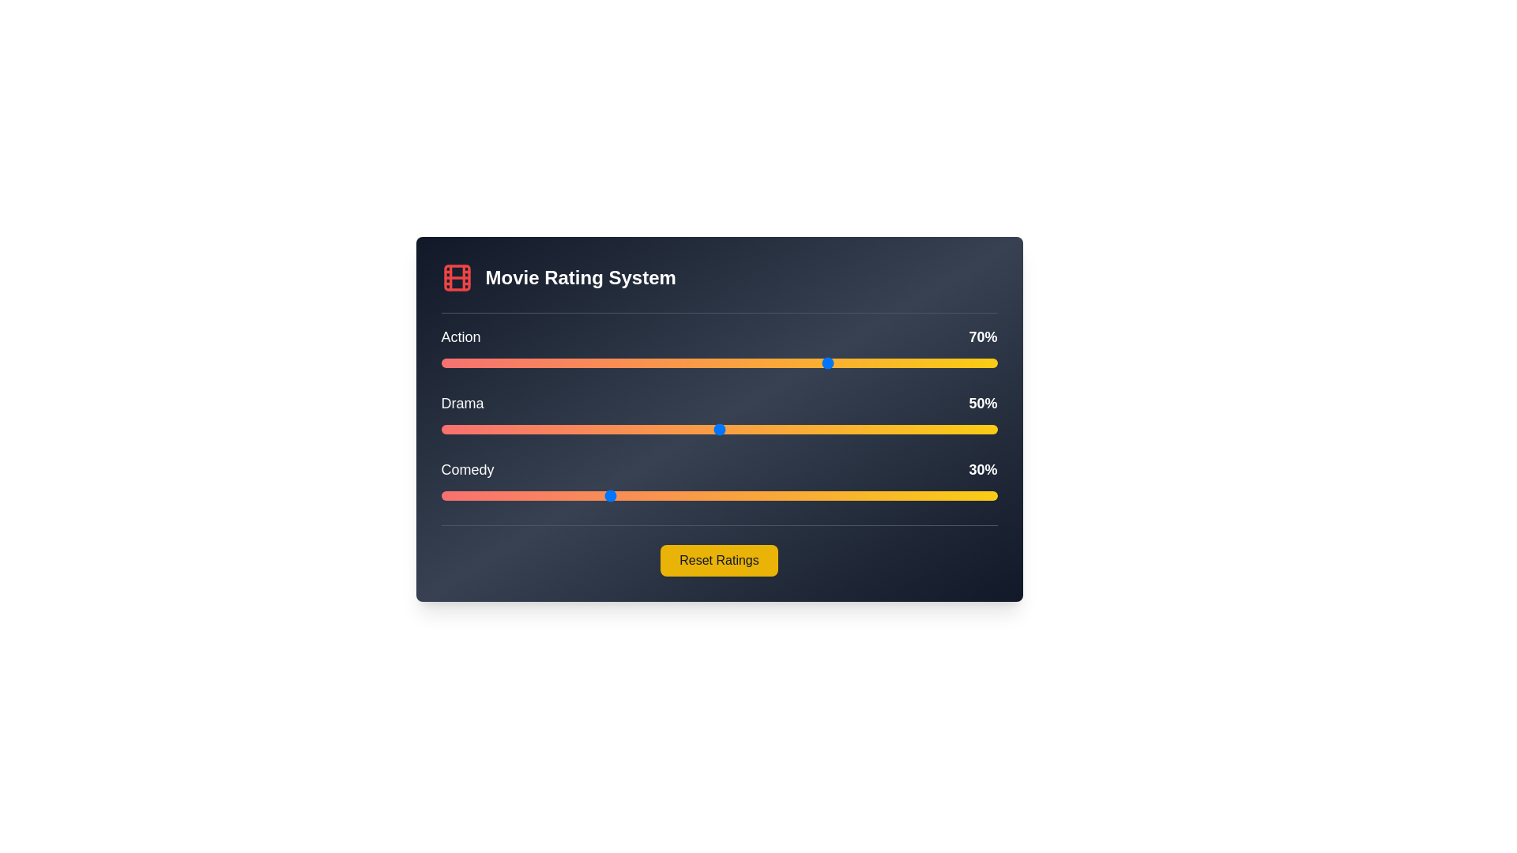  I want to click on 'Reset Ratings' button to reset all ratings to their default values, so click(718, 559).